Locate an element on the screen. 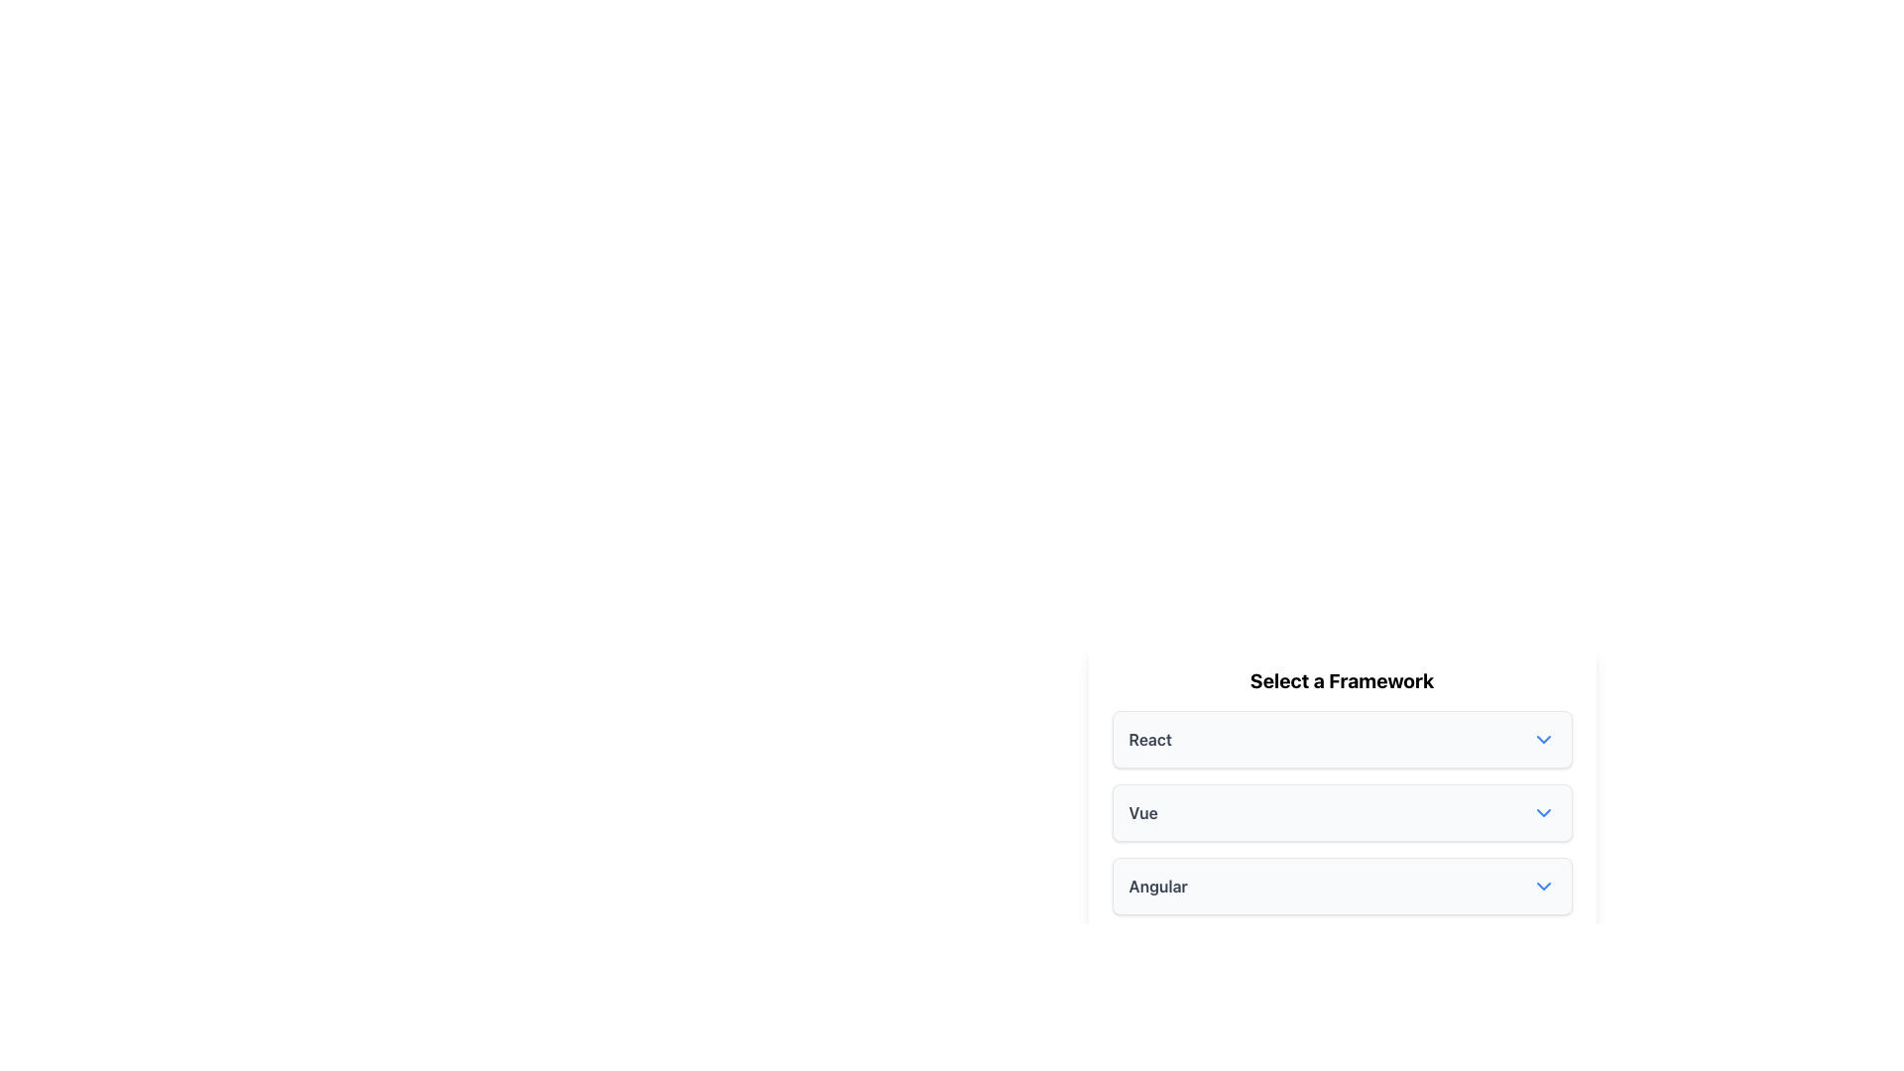 Image resolution: width=1904 pixels, height=1071 pixels. the second option button in the list is located at coordinates (1342, 813).